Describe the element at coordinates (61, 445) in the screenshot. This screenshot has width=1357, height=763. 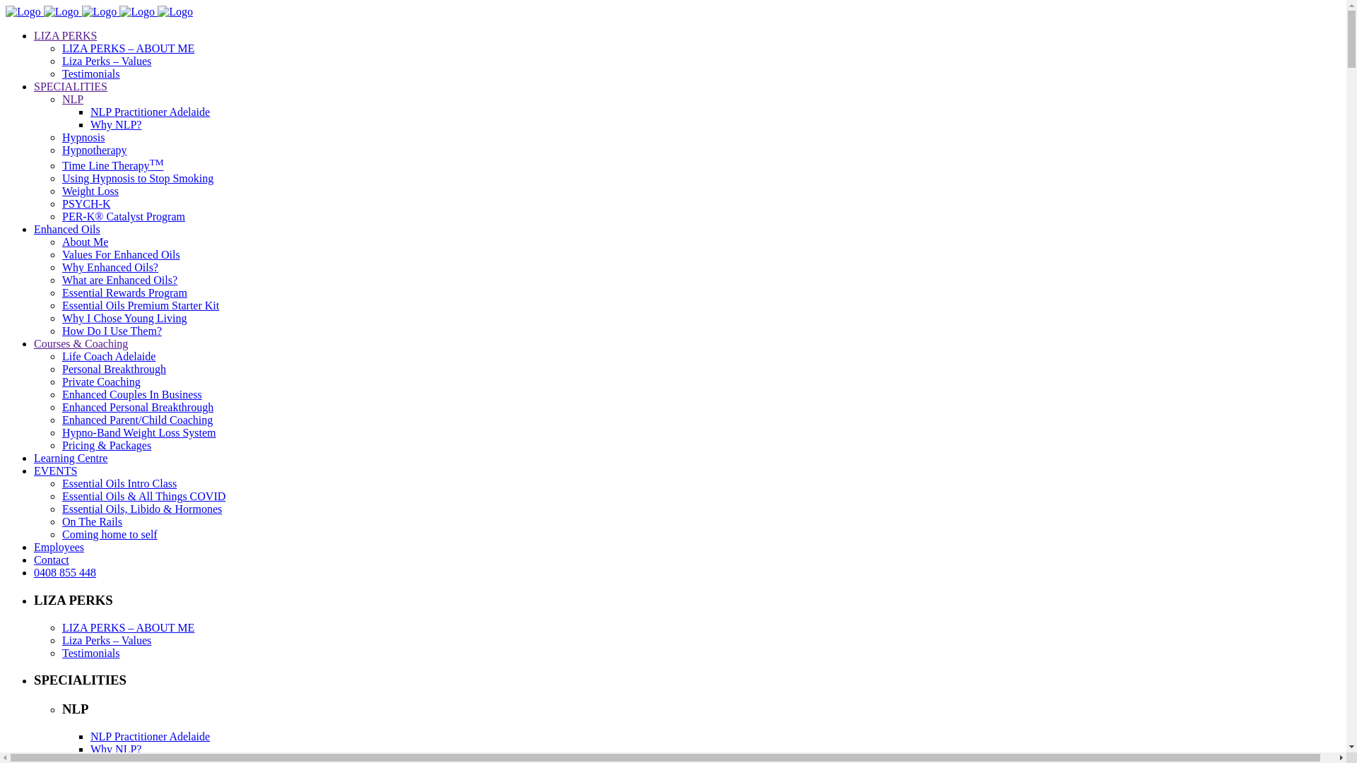
I see `'Pricing & Packages'` at that location.